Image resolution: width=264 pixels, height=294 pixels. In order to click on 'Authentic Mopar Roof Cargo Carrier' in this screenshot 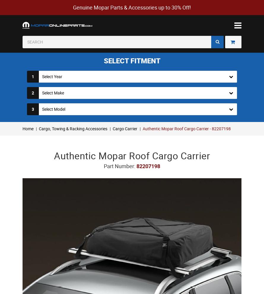, I will do `click(132, 155)`.